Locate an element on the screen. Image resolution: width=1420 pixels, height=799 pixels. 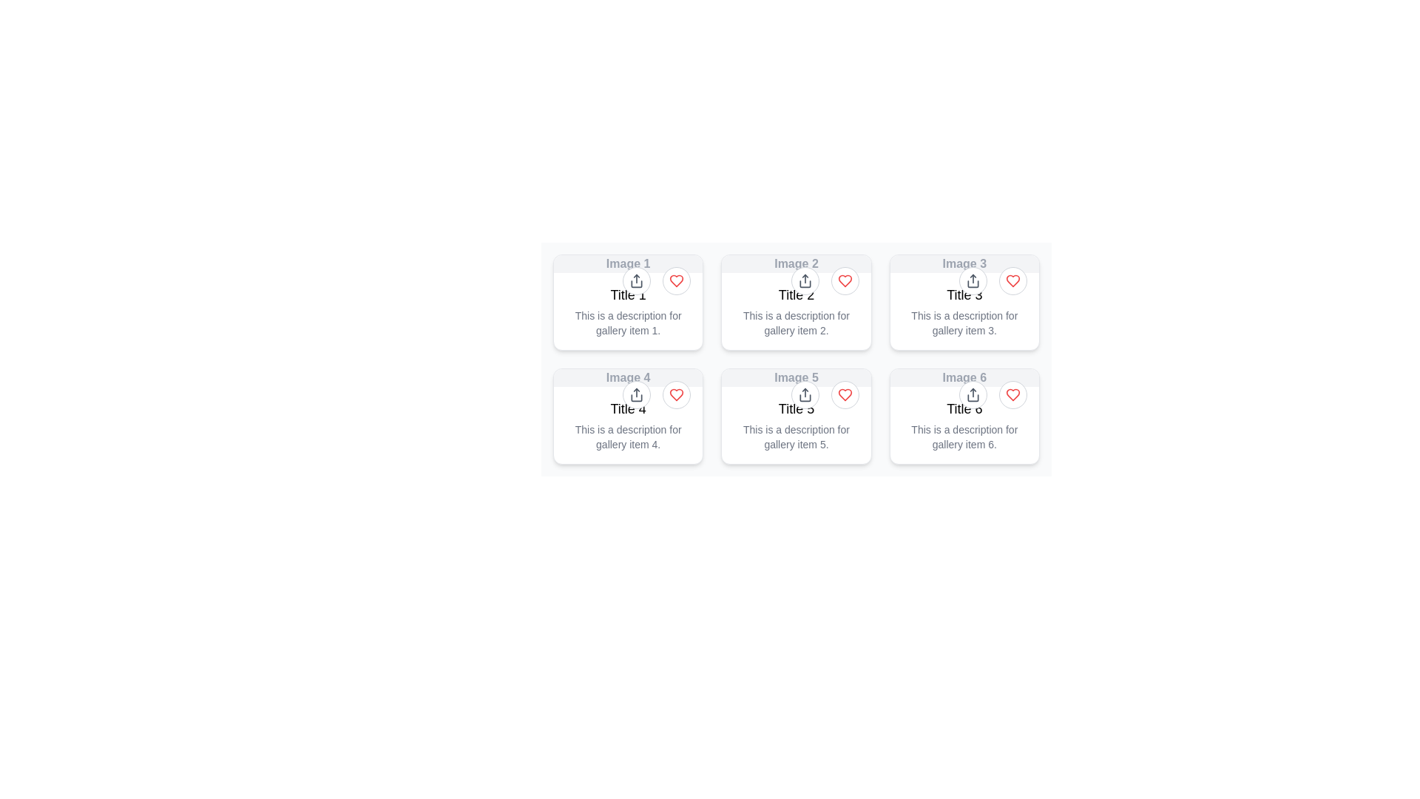
the share button located at the top-right corner of the card labeled 'Image 3 Title 3' is located at coordinates (973, 281).